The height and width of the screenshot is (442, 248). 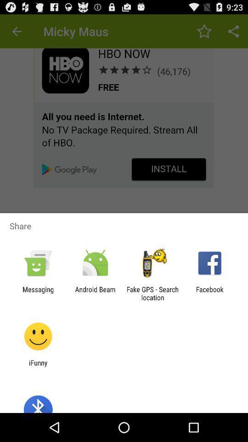 What do you see at coordinates (38, 293) in the screenshot?
I see `icon to the left of android beam app` at bounding box center [38, 293].